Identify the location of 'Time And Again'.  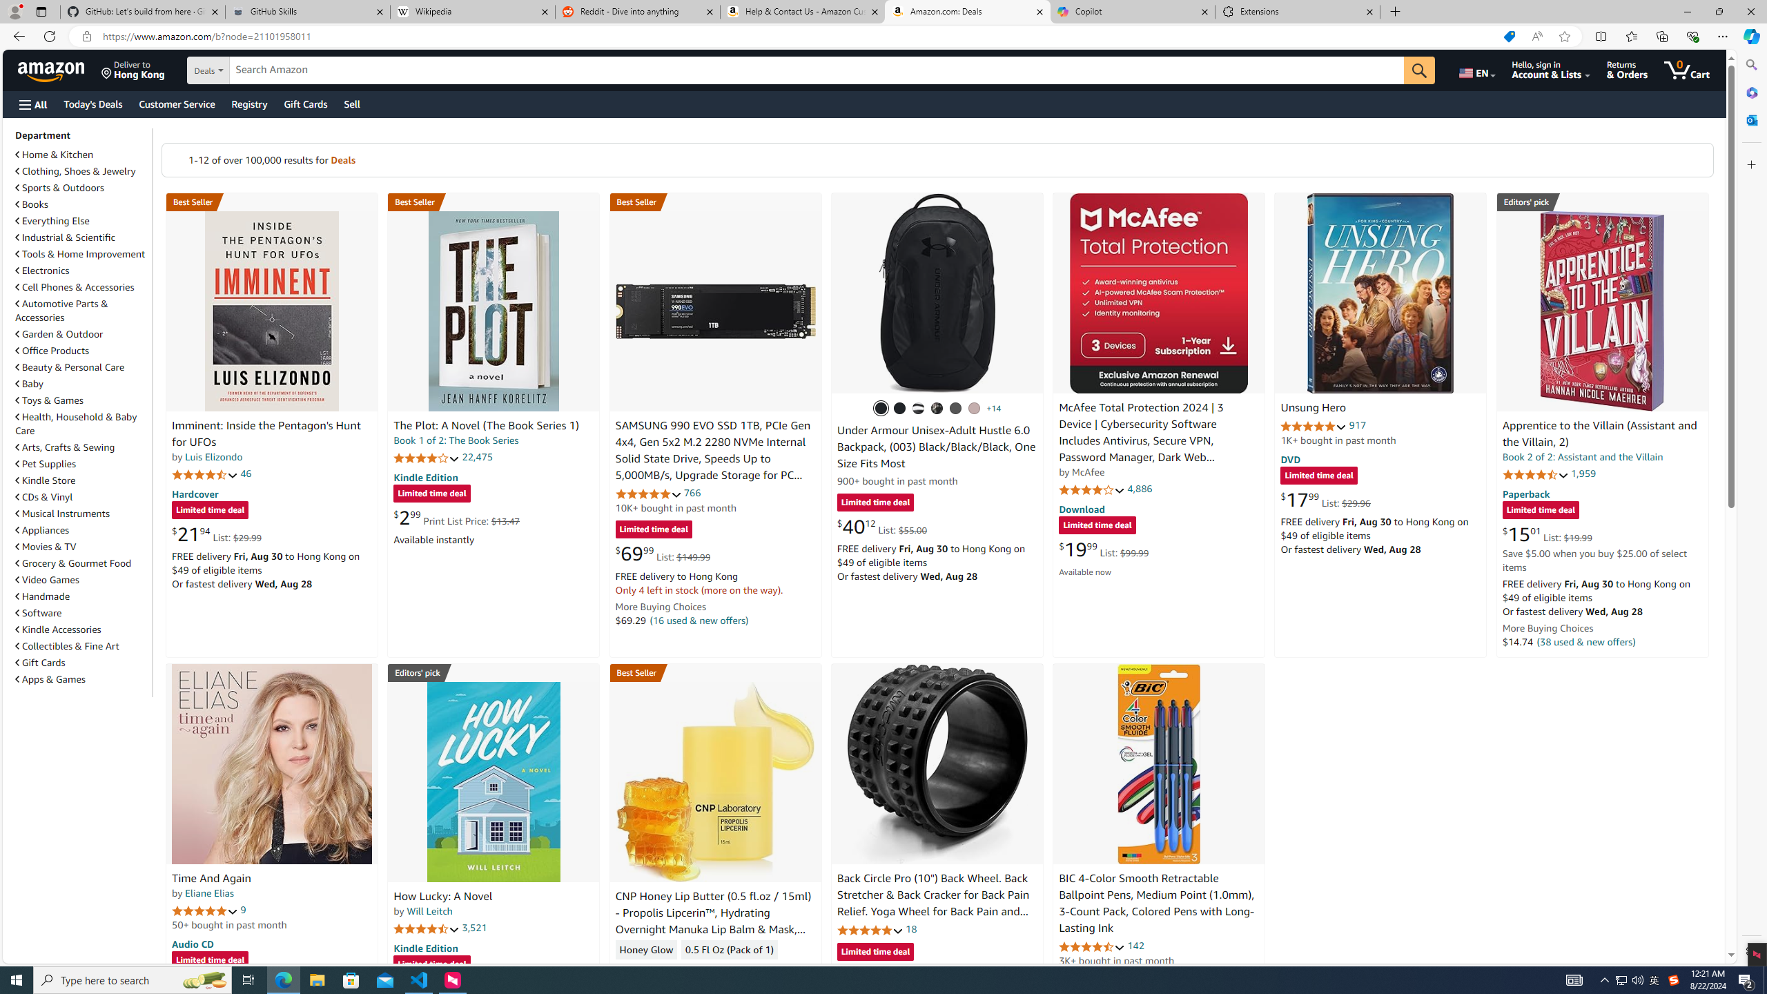
(211, 877).